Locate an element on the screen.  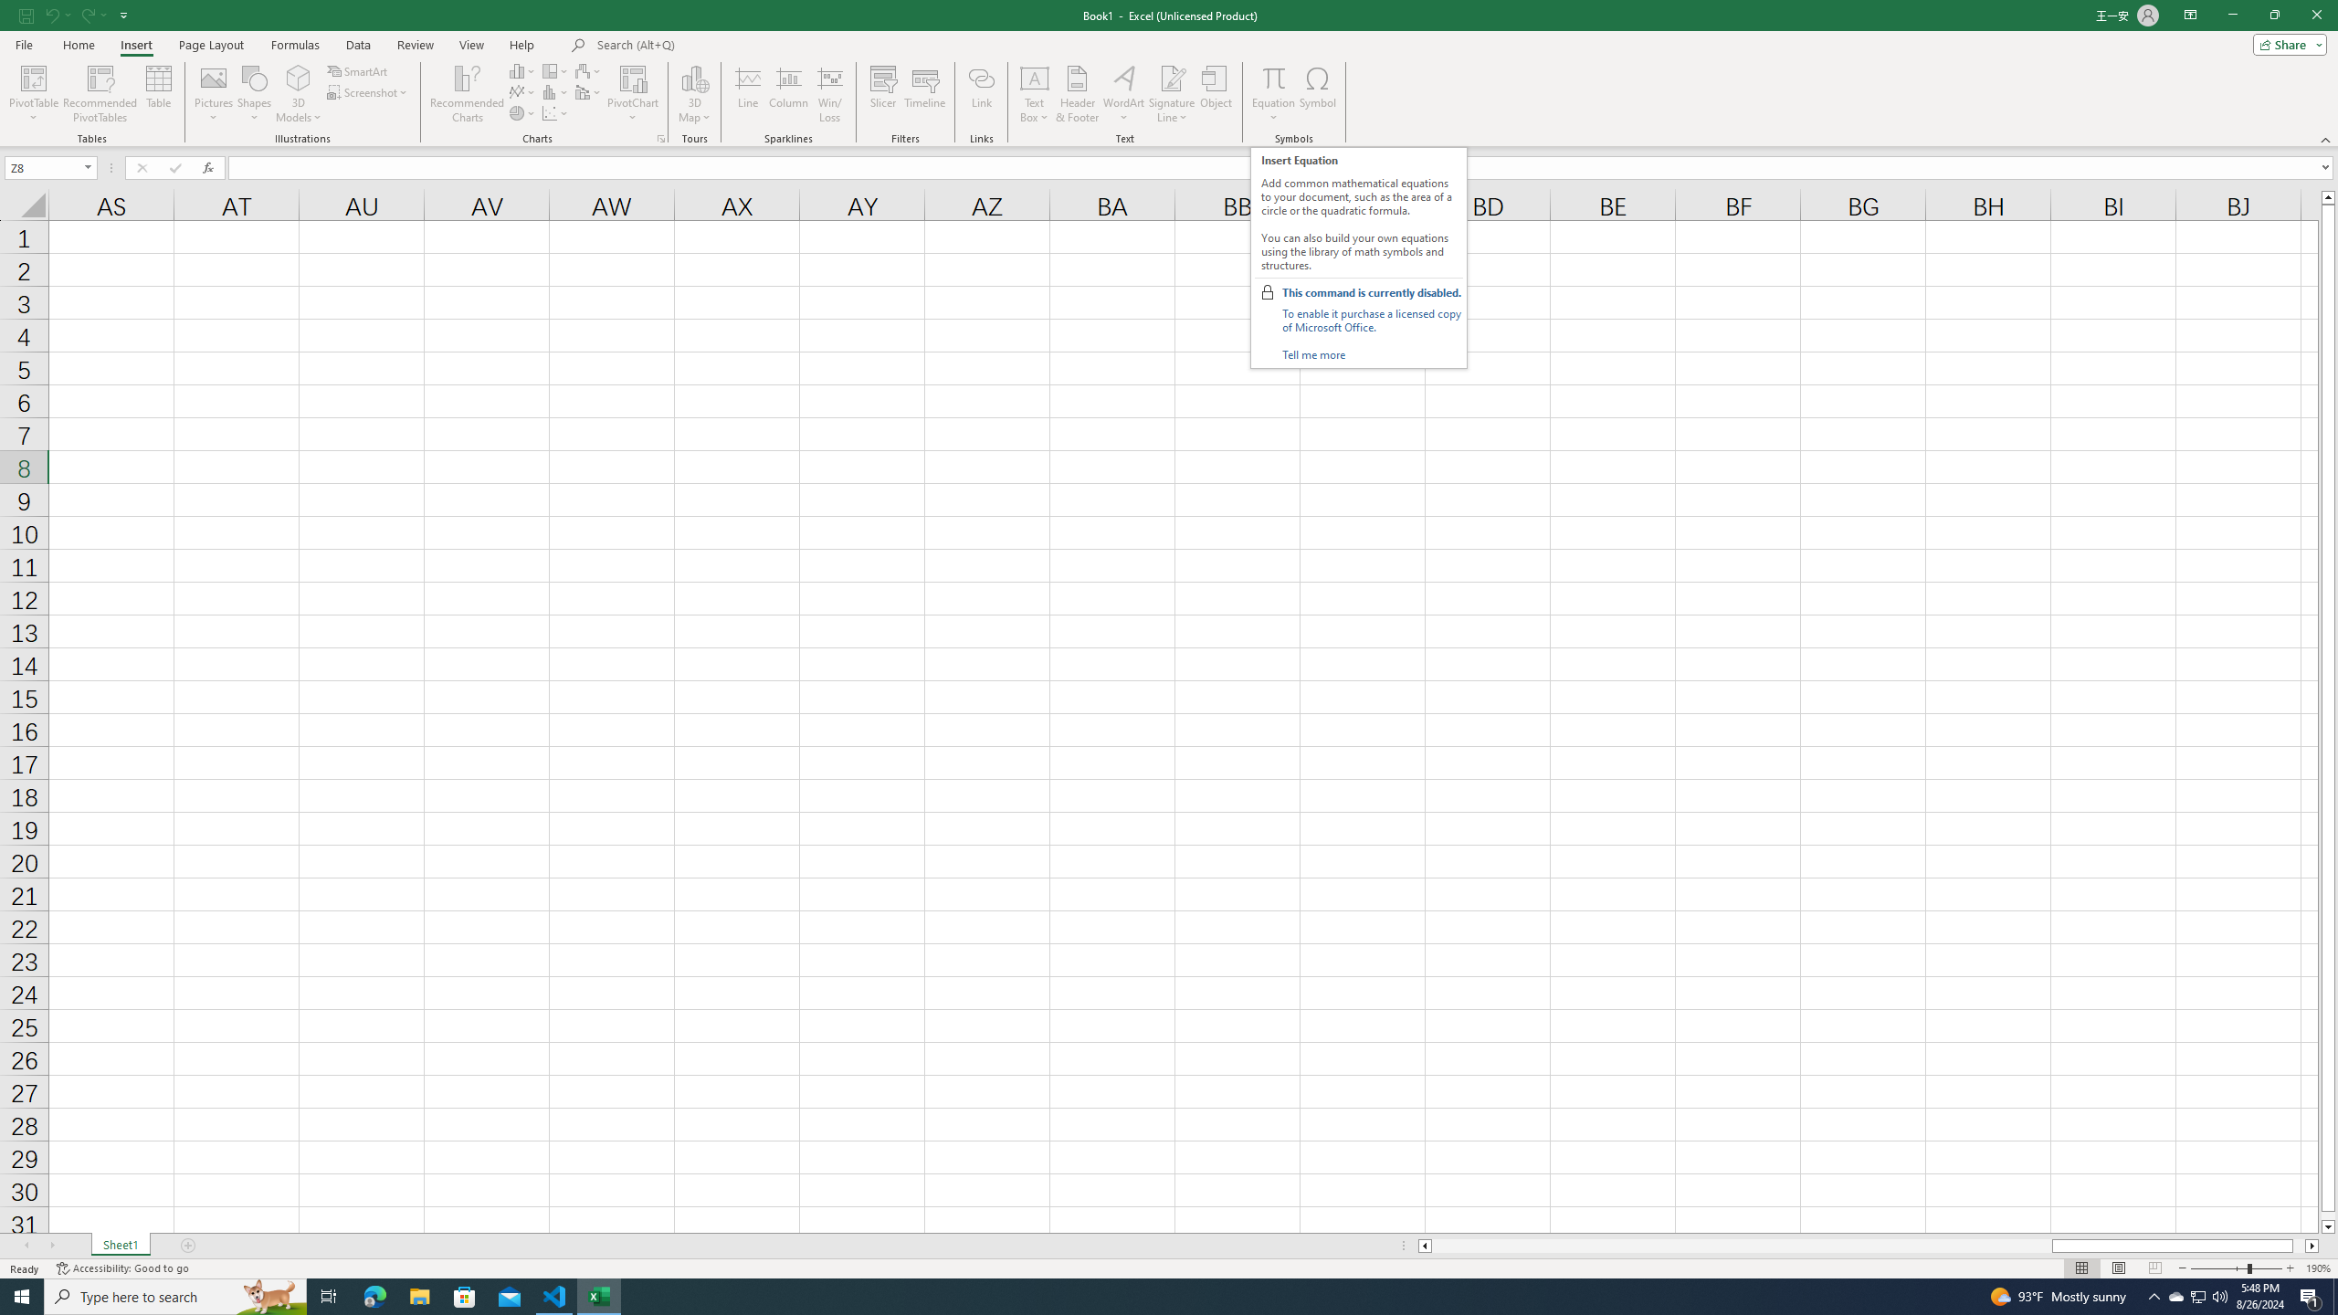
'Insert Waterfall, Funnel, Stock, Surface, or Radar Chart' is located at coordinates (588, 70).